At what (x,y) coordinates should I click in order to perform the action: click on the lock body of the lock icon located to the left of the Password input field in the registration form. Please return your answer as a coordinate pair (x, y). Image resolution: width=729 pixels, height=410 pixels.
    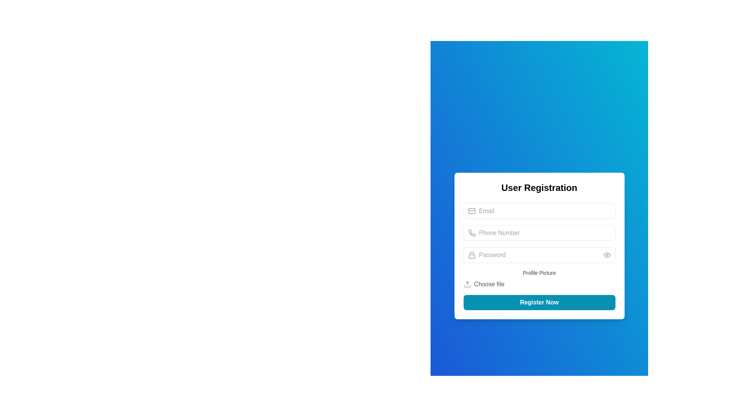
    Looking at the image, I should click on (471, 256).